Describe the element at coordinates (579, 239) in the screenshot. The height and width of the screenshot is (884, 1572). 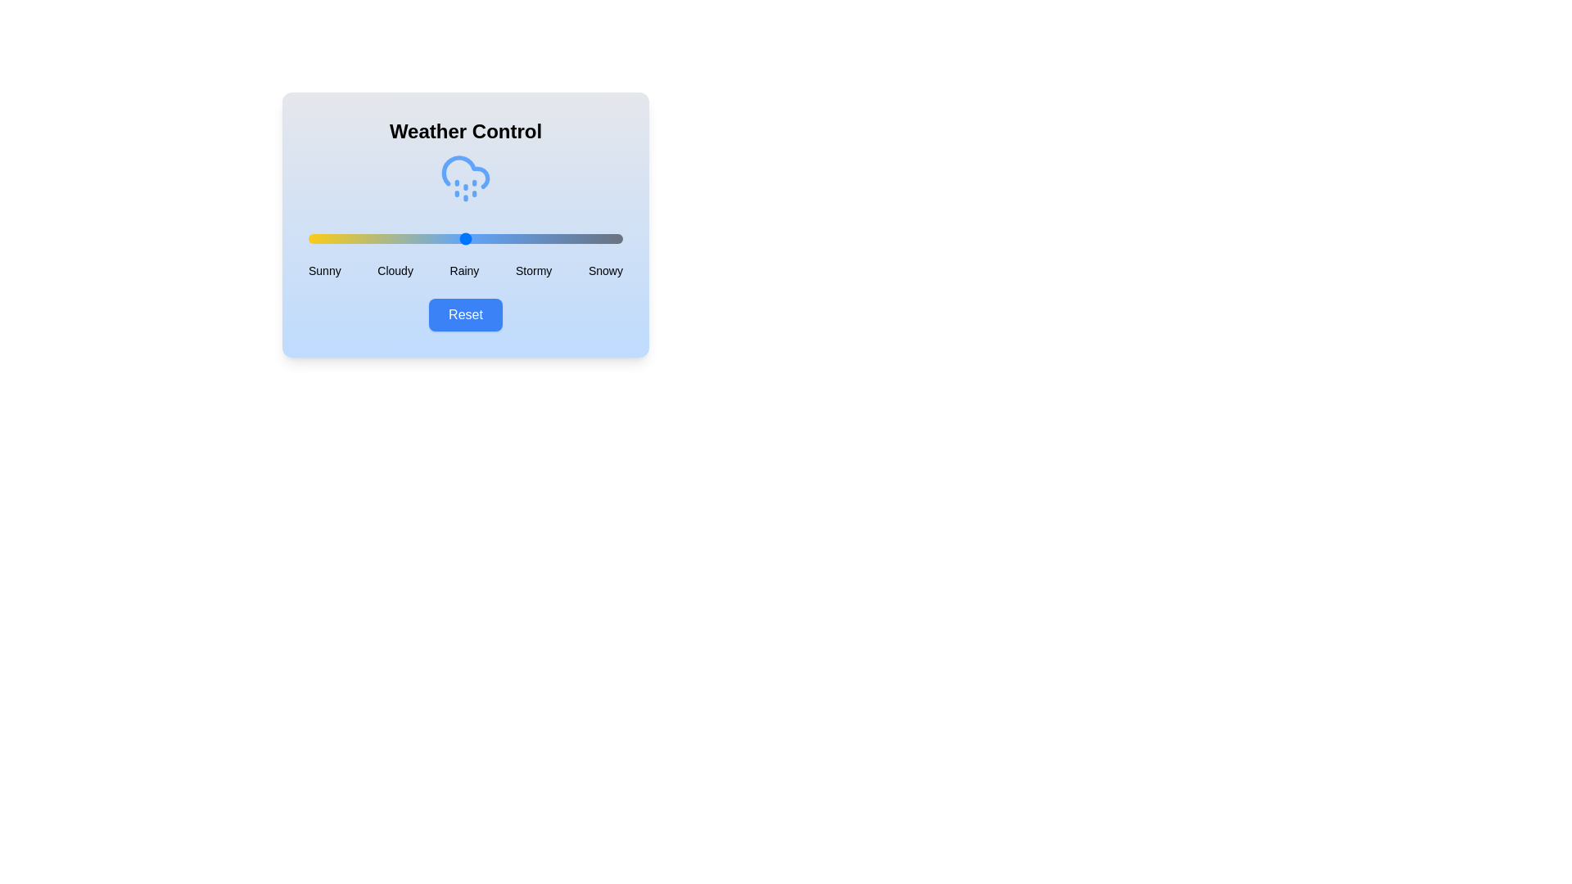
I see `the weather condition slider to 86` at that location.